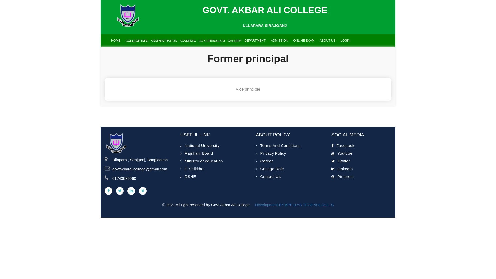 The width and height of the screenshot is (496, 279). Describe the element at coordinates (196, 40) in the screenshot. I see `'   CO-CURRICULUM'` at that location.